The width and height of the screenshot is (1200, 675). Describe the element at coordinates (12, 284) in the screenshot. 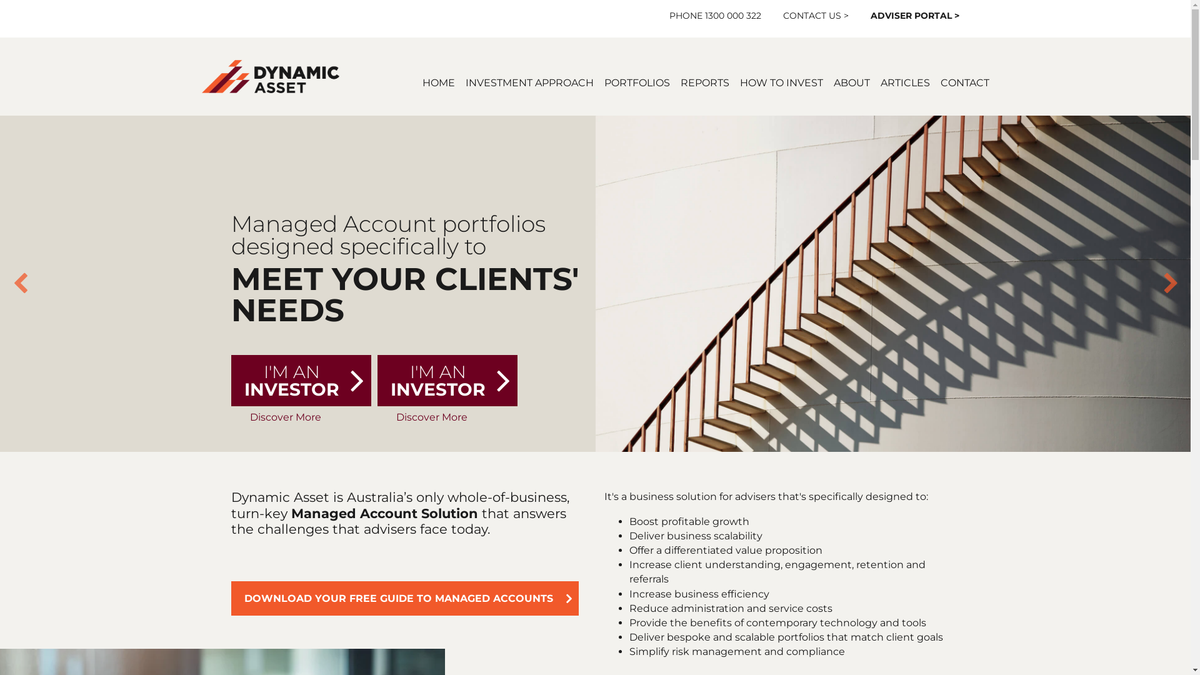

I see `'Previous'` at that location.